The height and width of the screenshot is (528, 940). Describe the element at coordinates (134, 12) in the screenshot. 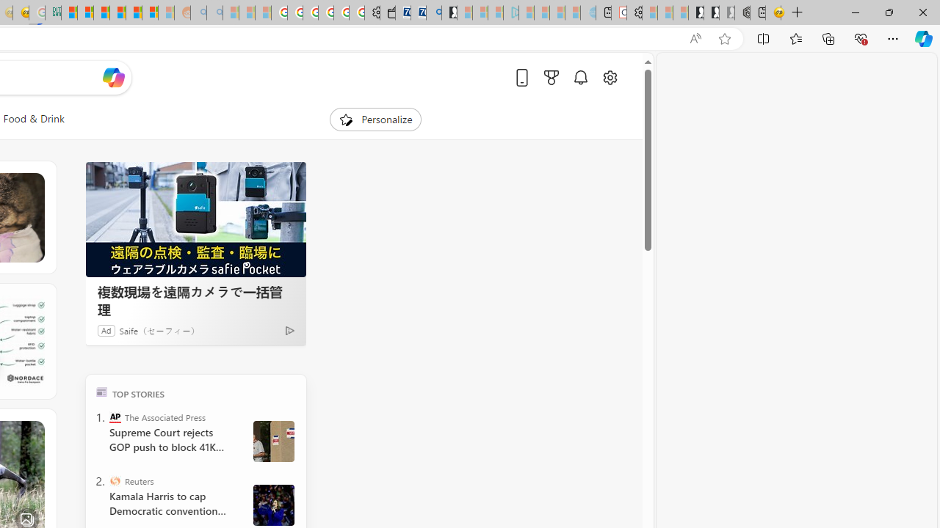

I see `'Kinda Frugal - MSN'` at that location.